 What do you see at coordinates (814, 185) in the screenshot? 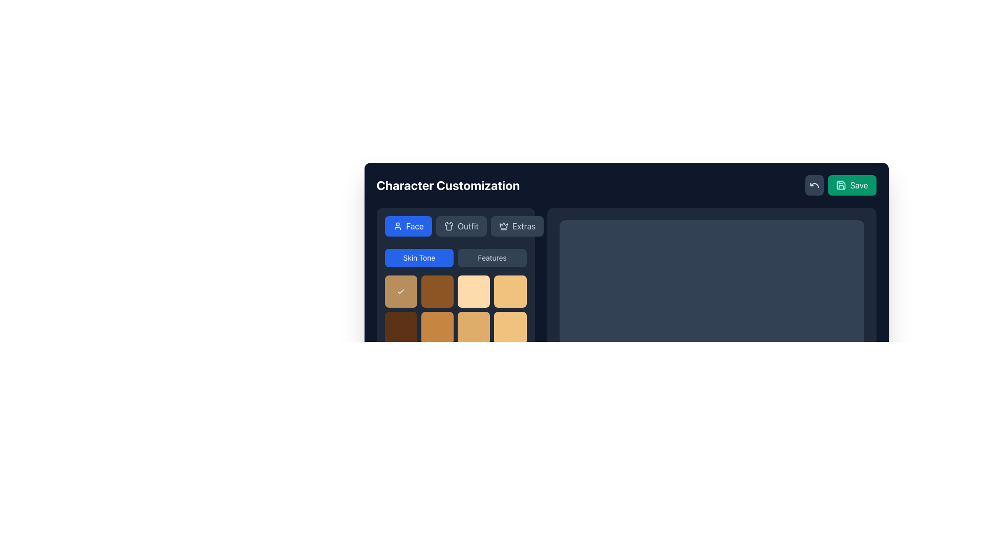
I see `the undo action icon, which is a leftward curved arrow located in the top-right corner of the interface` at bounding box center [814, 185].